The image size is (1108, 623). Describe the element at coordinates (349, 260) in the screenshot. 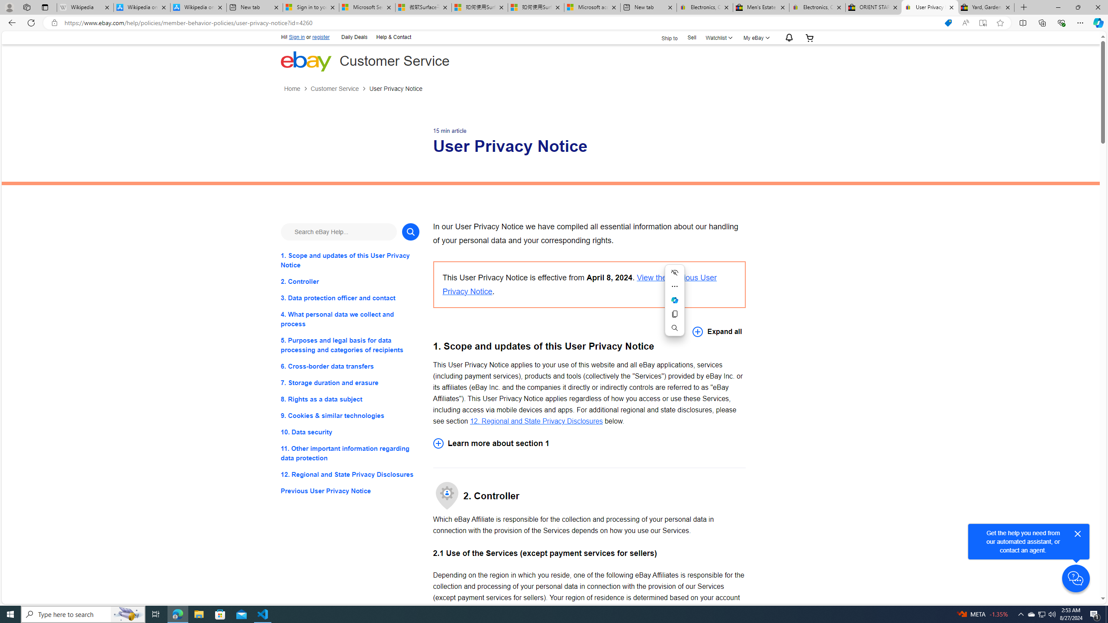

I see `'1. Scope and updates of this User Privacy Notice'` at that location.